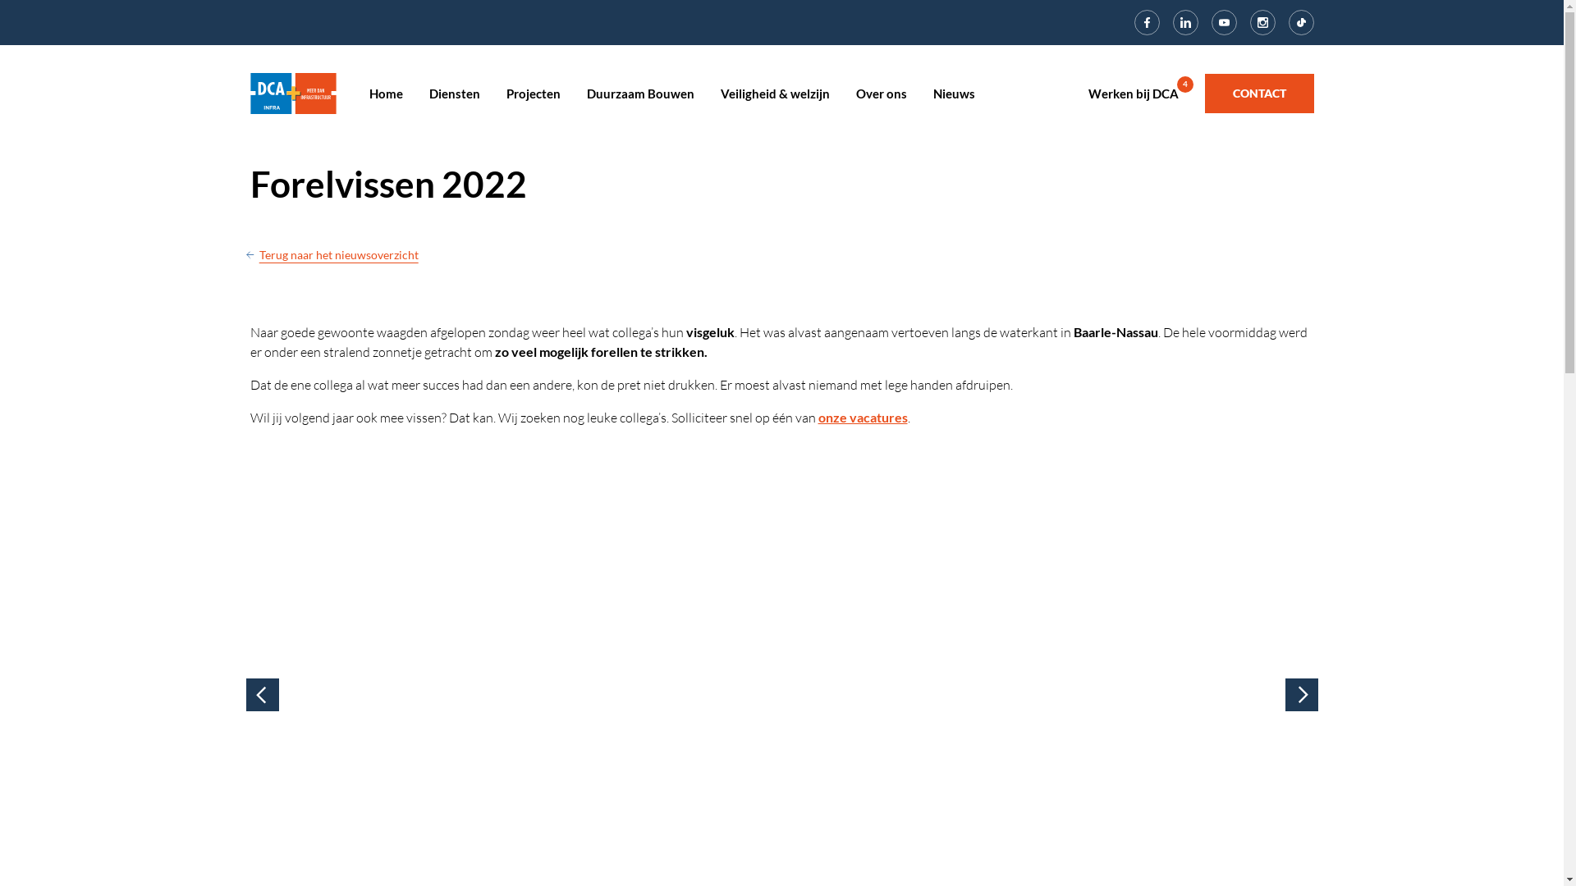 Image resolution: width=1576 pixels, height=886 pixels. What do you see at coordinates (861, 416) in the screenshot?
I see `'onze vacatures'` at bounding box center [861, 416].